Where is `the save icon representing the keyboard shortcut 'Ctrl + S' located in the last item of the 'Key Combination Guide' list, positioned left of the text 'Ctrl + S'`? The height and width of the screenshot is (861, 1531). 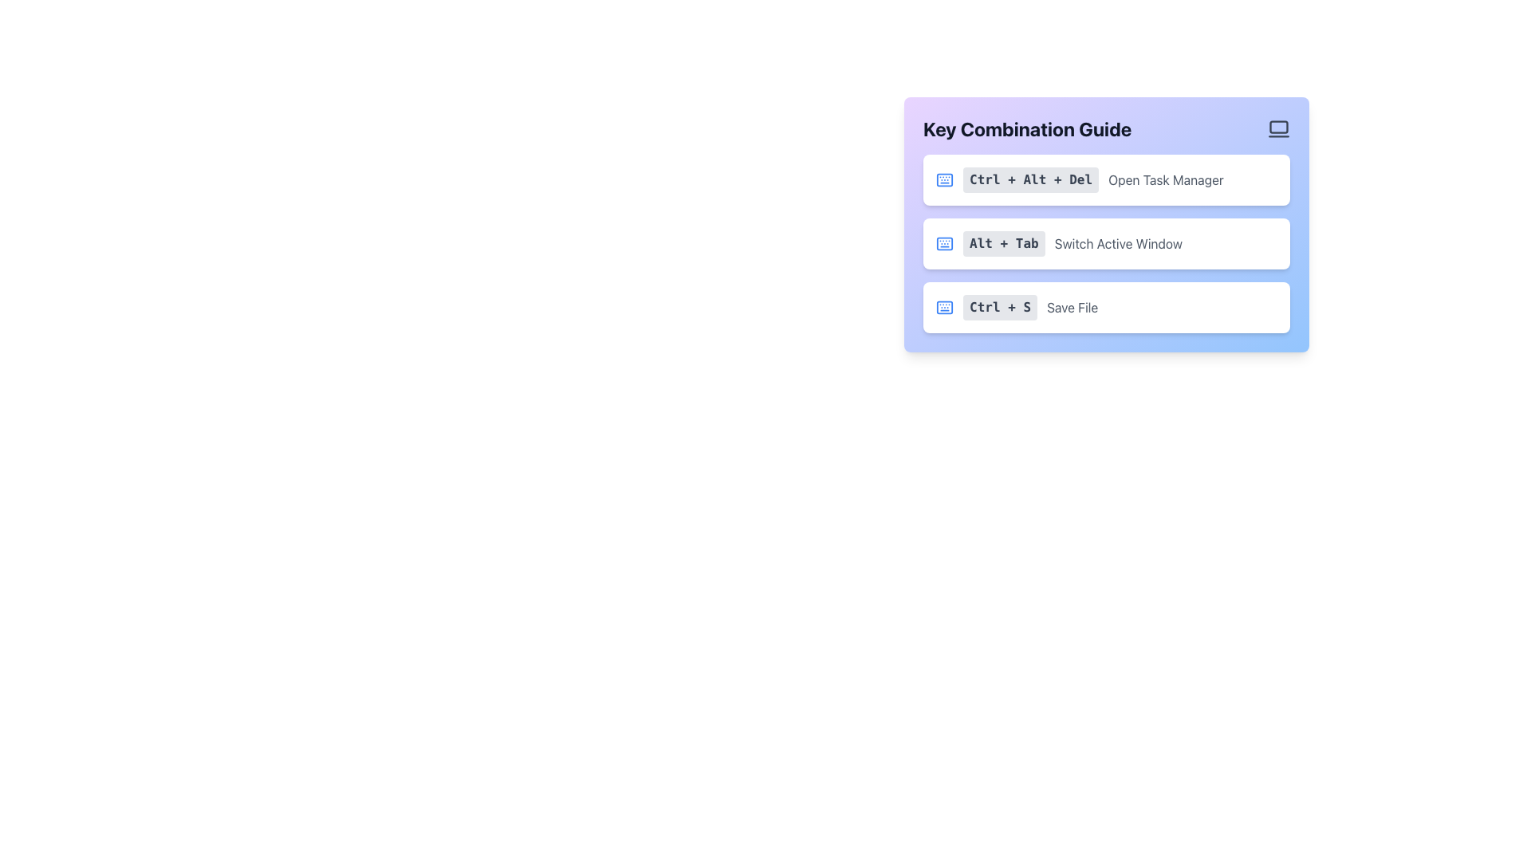
the save icon representing the keyboard shortcut 'Ctrl + S' located in the last item of the 'Key Combination Guide' list, positioned left of the text 'Ctrl + S' is located at coordinates (945, 307).